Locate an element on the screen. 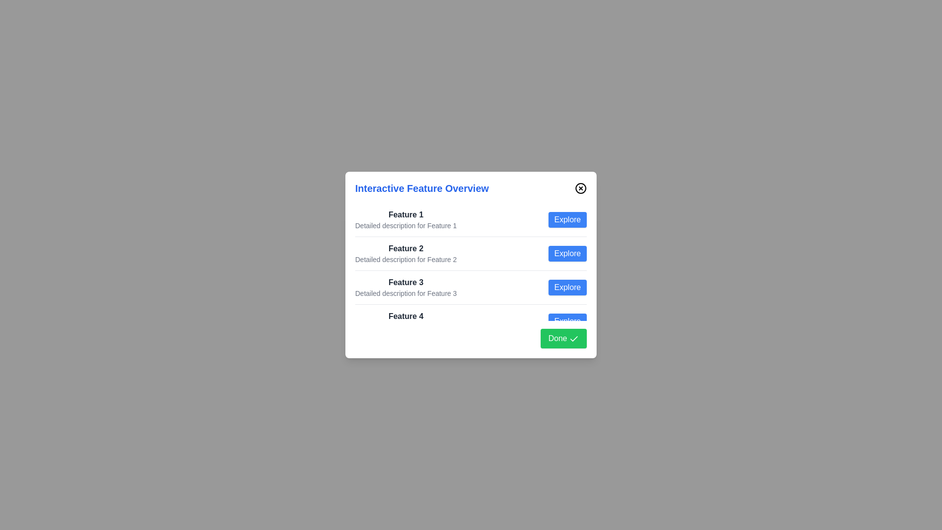 This screenshot has width=942, height=530. the 'Explore' button for feature 3 is located at coordinates (567, 287).